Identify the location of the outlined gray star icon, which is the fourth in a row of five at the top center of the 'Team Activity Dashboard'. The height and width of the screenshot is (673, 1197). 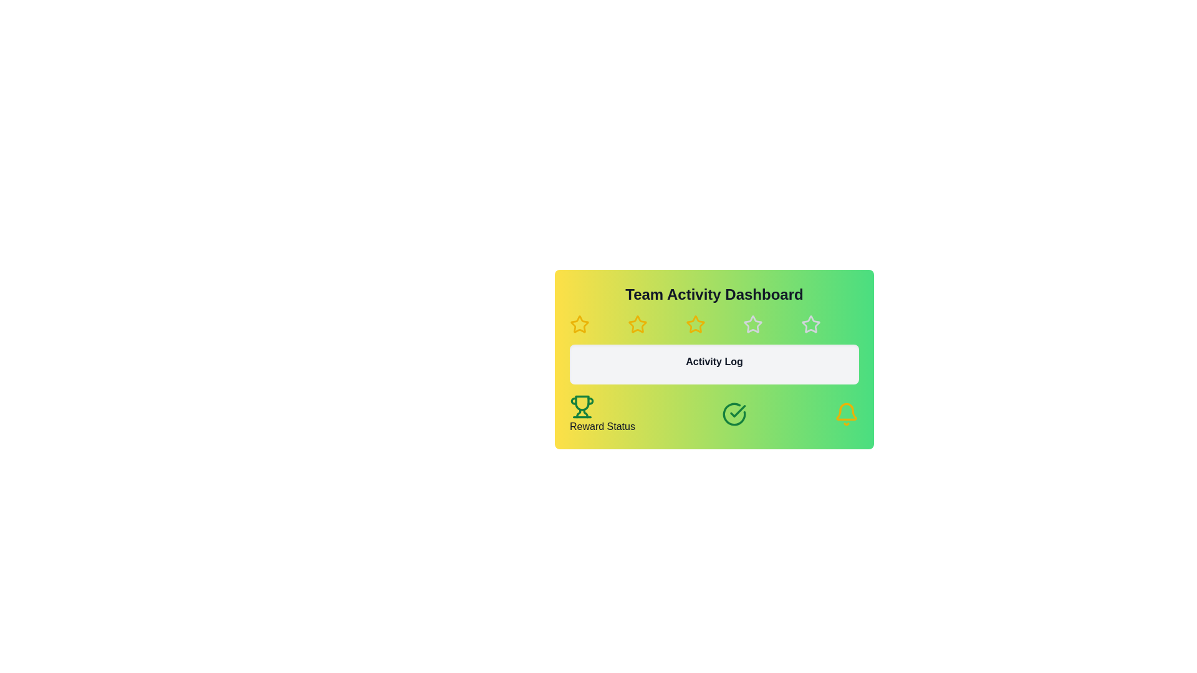
(752, 323).